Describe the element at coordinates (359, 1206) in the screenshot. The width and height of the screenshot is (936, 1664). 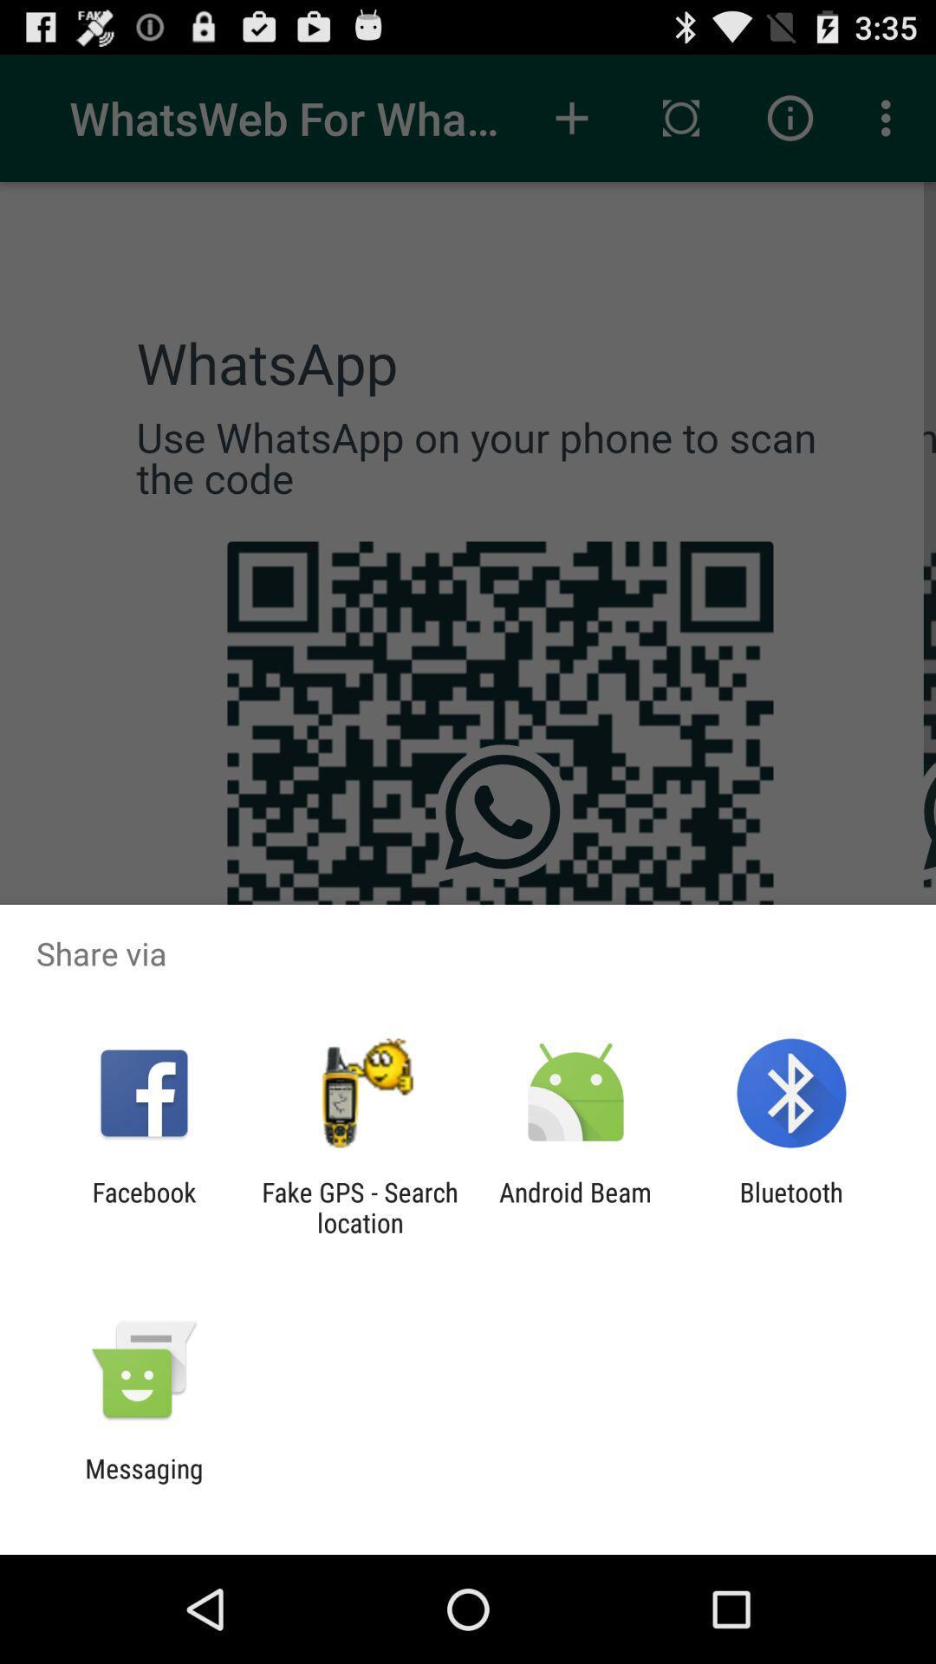
I see `the app to the left of the android beam item` at that location.